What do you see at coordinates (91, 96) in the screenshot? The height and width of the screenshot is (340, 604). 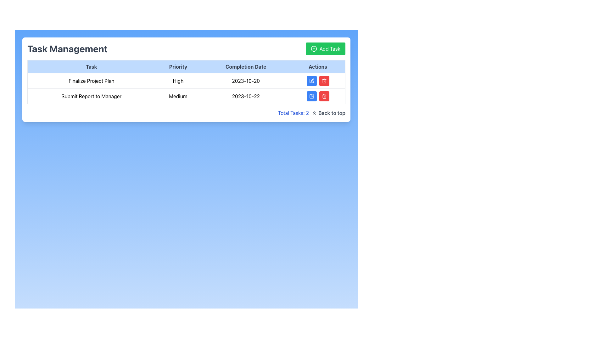 I see `the Static Text Label that displays the title of a specific task, located in the second row of a table under the 'Task' column` at bounding box center [91, 96].